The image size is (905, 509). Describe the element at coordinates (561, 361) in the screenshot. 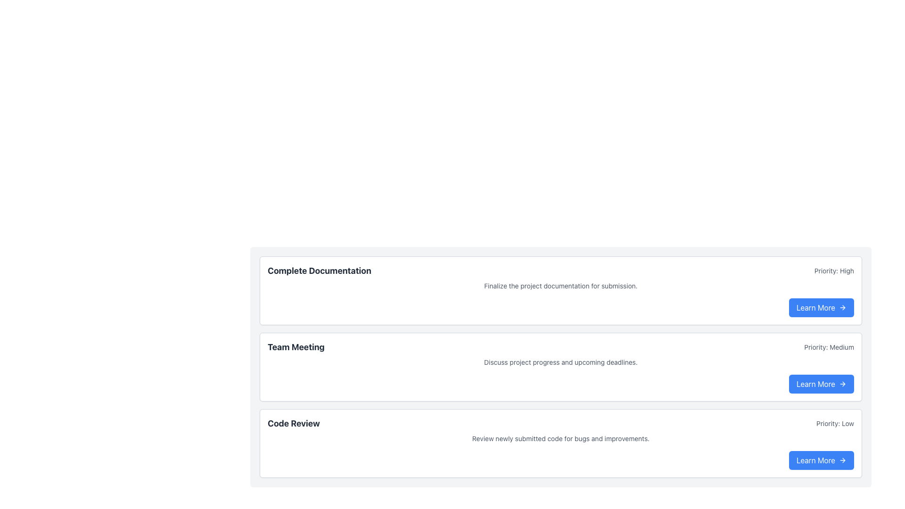

I see `the static text label providing details about the 'Team Meeting' item, which serves as a description or subheading and is located centrally beneath the main title` at that location.